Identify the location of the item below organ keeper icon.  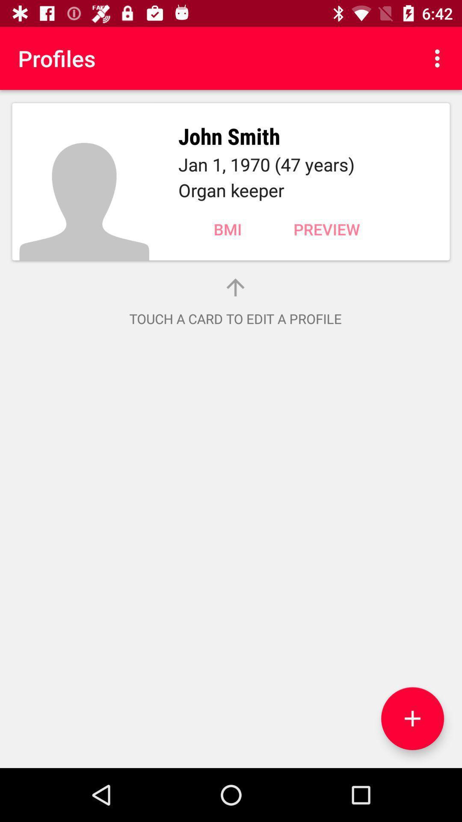
(326, 229).